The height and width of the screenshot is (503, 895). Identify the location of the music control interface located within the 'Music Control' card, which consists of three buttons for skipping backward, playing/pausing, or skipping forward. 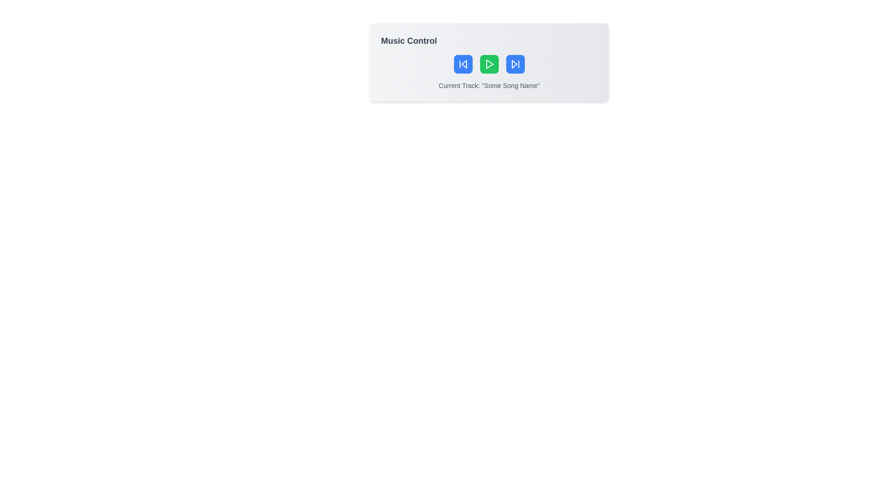
(489, 64).